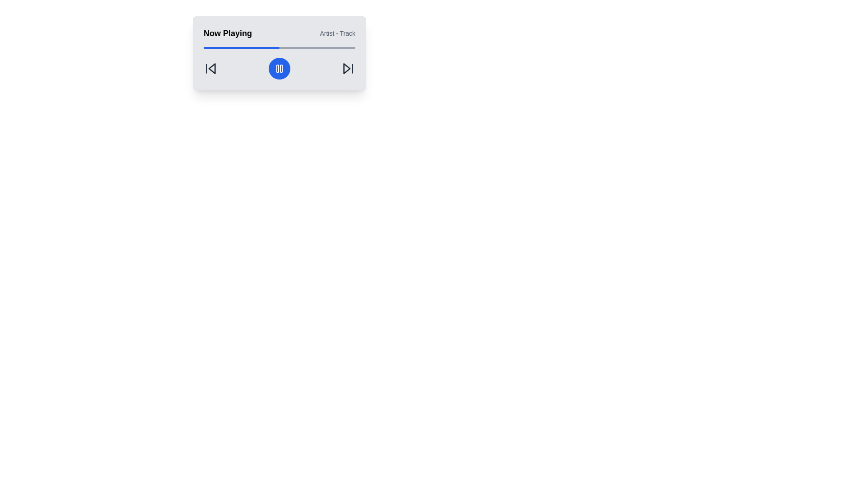 This screenshot has width=867, height=488. Describe the element at coordinates (241, 47) in the screenshot. I see `the blue filled segment of the progress bar located in the upper portion of the interface` at that location.